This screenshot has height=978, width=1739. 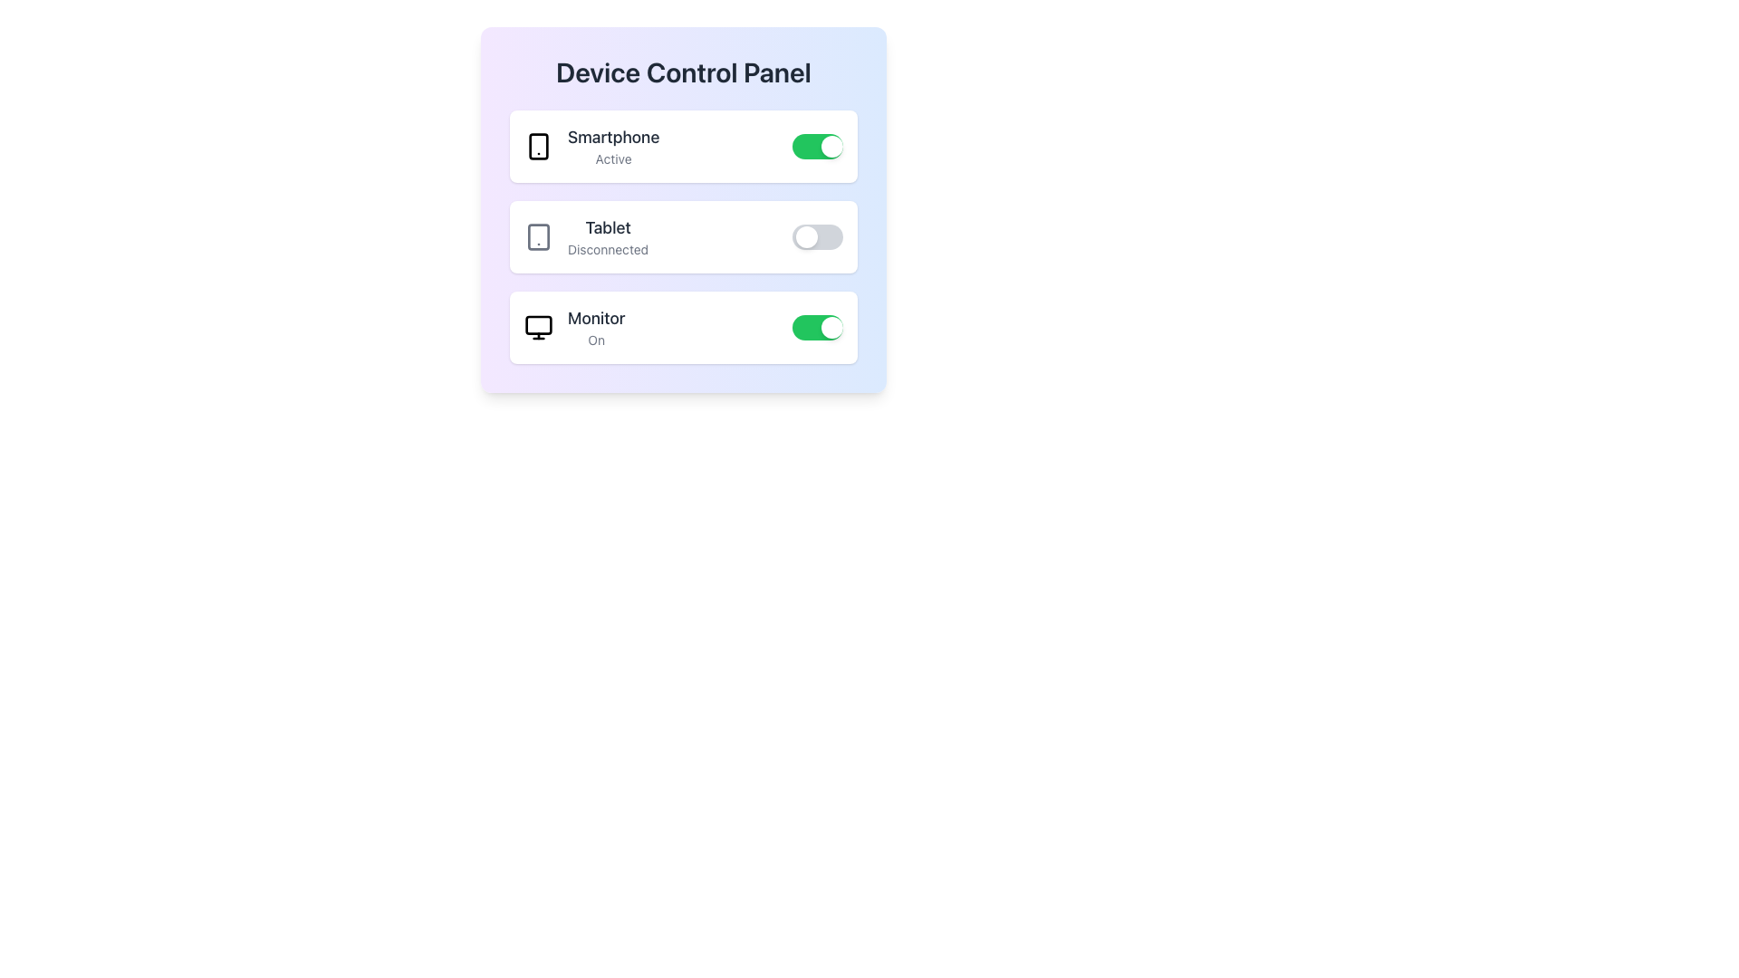 I want to click on the non-interactive text label that identifies the 'Tablet' device in the control panel, so click(x=608, y=226).